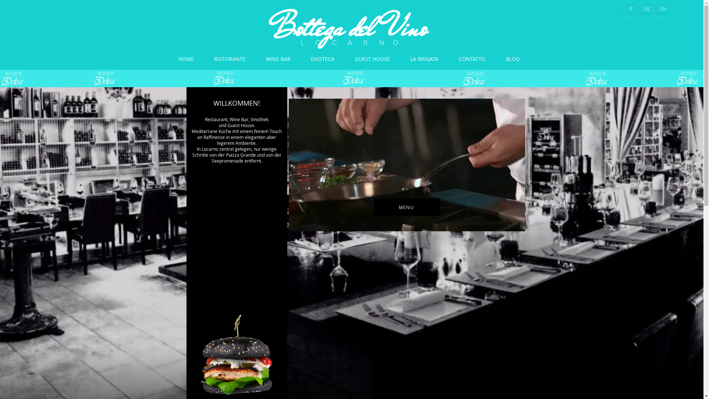 Image resolution: width=709 pixels, height=399 pixels. I want to click on 'MENU', so click(374, 207).